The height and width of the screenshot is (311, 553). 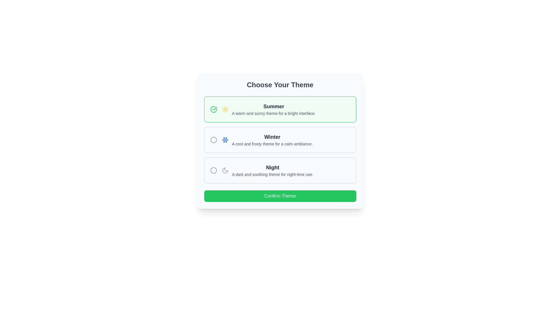 What do you see at coordinates (273, 109) in the screenshot?
I see `text information from the descriptive label about the 'Summer' theme option, located in the topmost section of the 'Choose Your Theme' interface` at bounding box center [273, 109].